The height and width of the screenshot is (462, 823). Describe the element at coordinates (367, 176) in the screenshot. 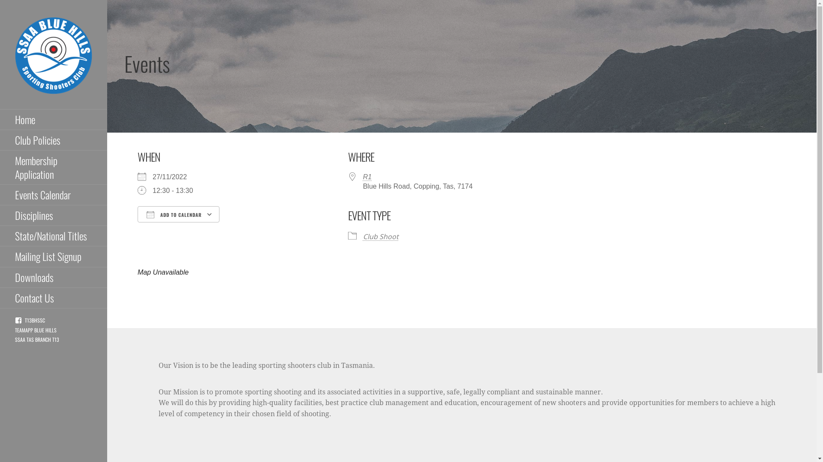

I see `'R1'` at that location.